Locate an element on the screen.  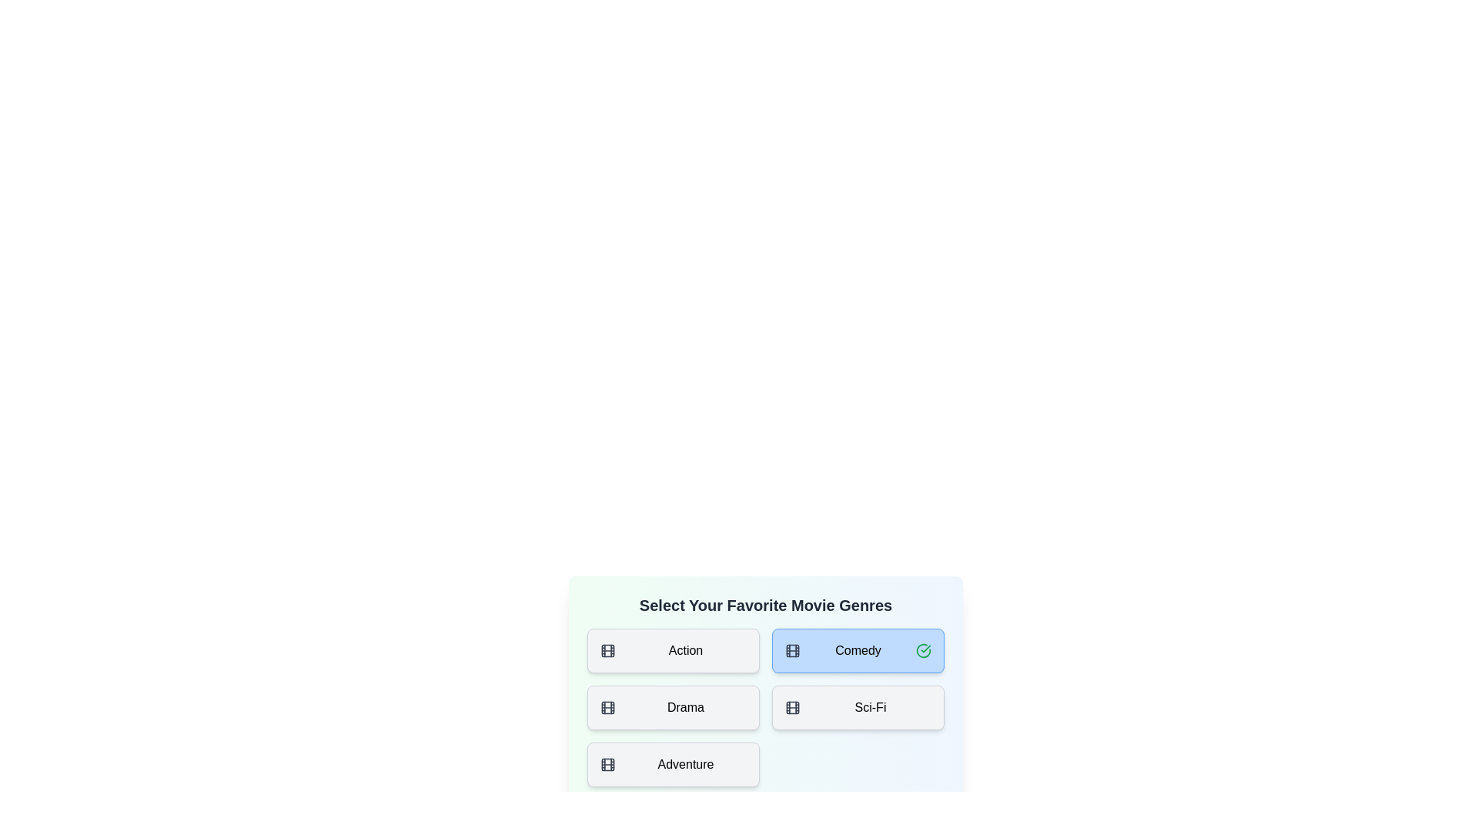
the tile corresponding to the genre Comedy to toggle its selection state is located at coordinates (857, 650).